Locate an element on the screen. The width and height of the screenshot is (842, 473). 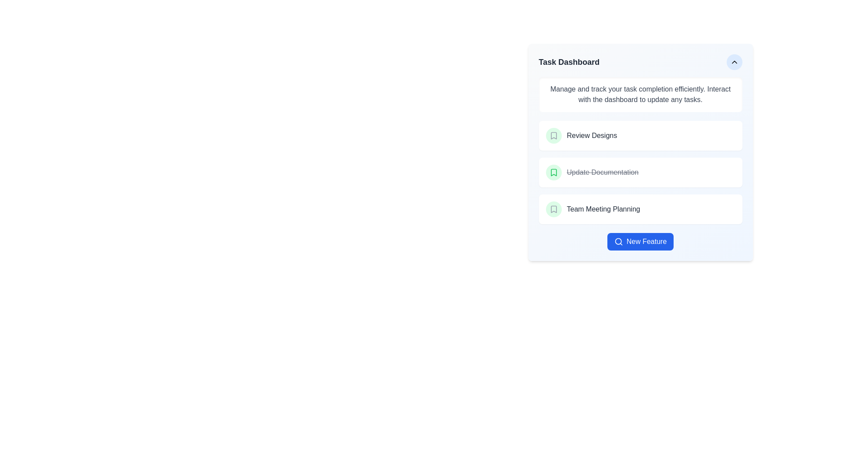
the interactive button located to the left of the 'Update Documentation' text to interact with it is located at coordinates (553, 172).